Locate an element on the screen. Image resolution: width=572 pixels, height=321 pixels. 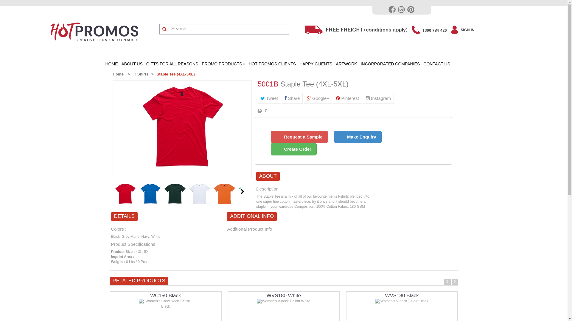
'HAPPY CLIENTS' is located at coordinates (315, 64).